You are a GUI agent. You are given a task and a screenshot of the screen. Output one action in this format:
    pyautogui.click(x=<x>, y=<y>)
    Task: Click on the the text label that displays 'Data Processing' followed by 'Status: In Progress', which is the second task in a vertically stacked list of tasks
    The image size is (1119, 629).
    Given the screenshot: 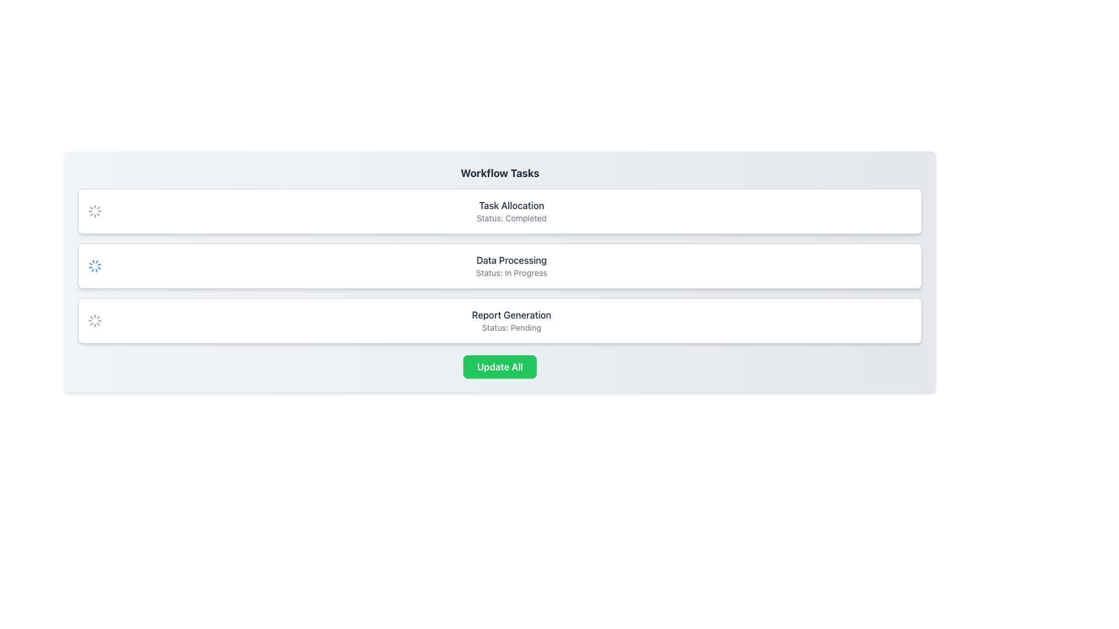 What is the action you would take?
    pyautogui.click(x=512, y=266)
    